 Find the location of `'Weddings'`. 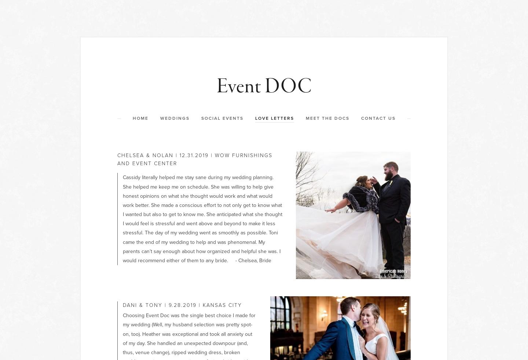

'Weddings' is located at coordinates (160, 118).